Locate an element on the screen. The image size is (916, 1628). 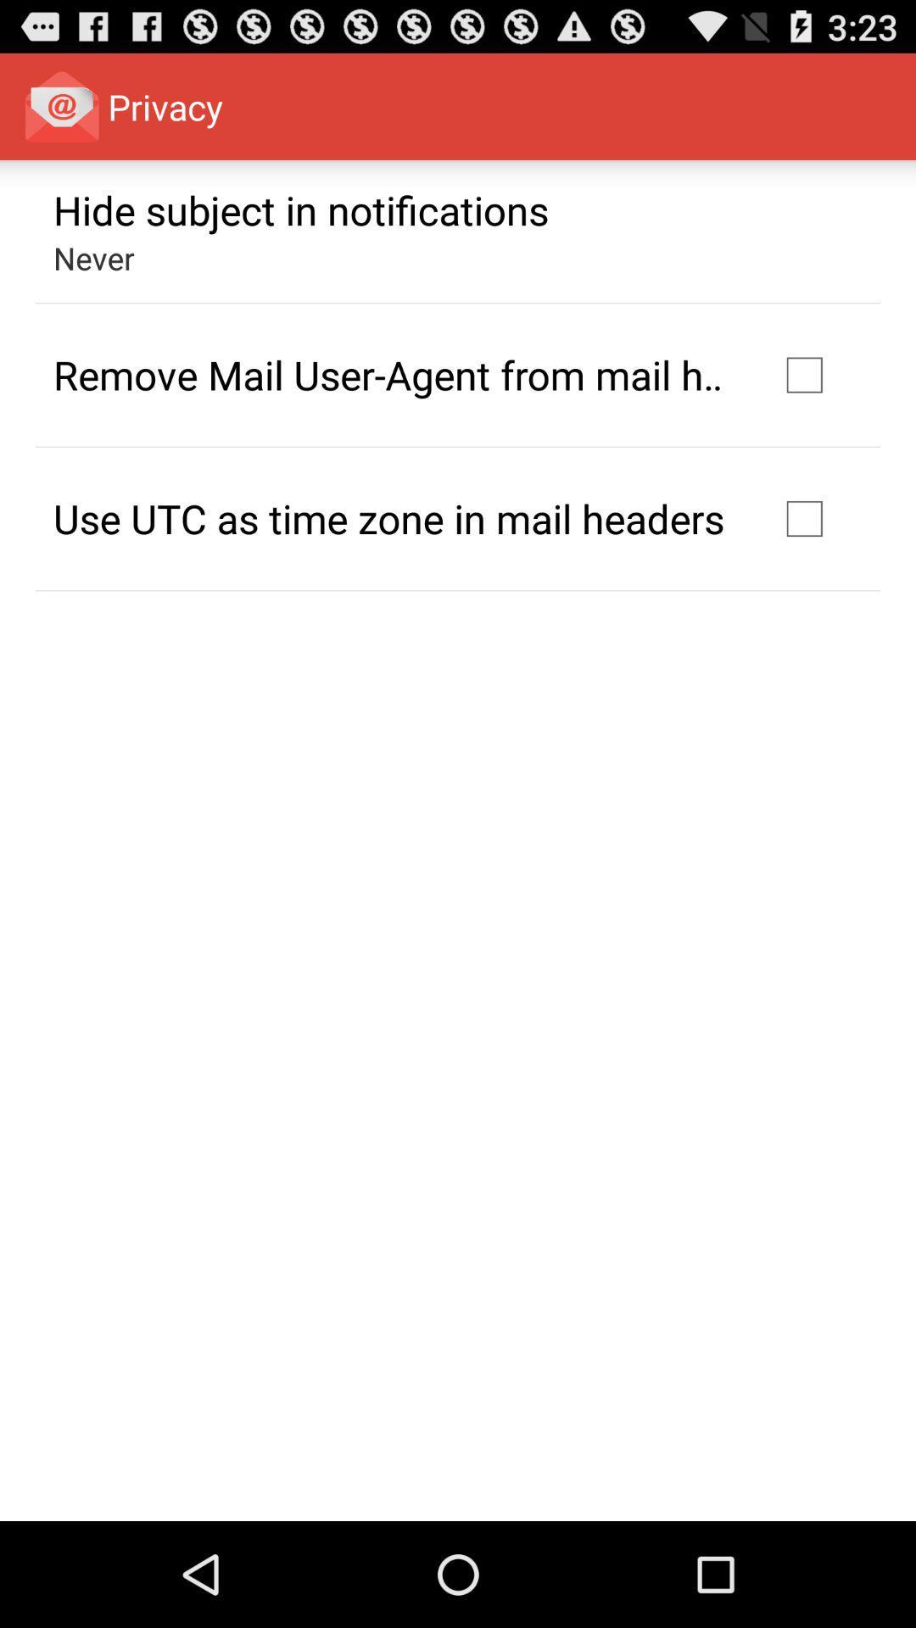
hide subject in icon is located at coordinates (300, 209).